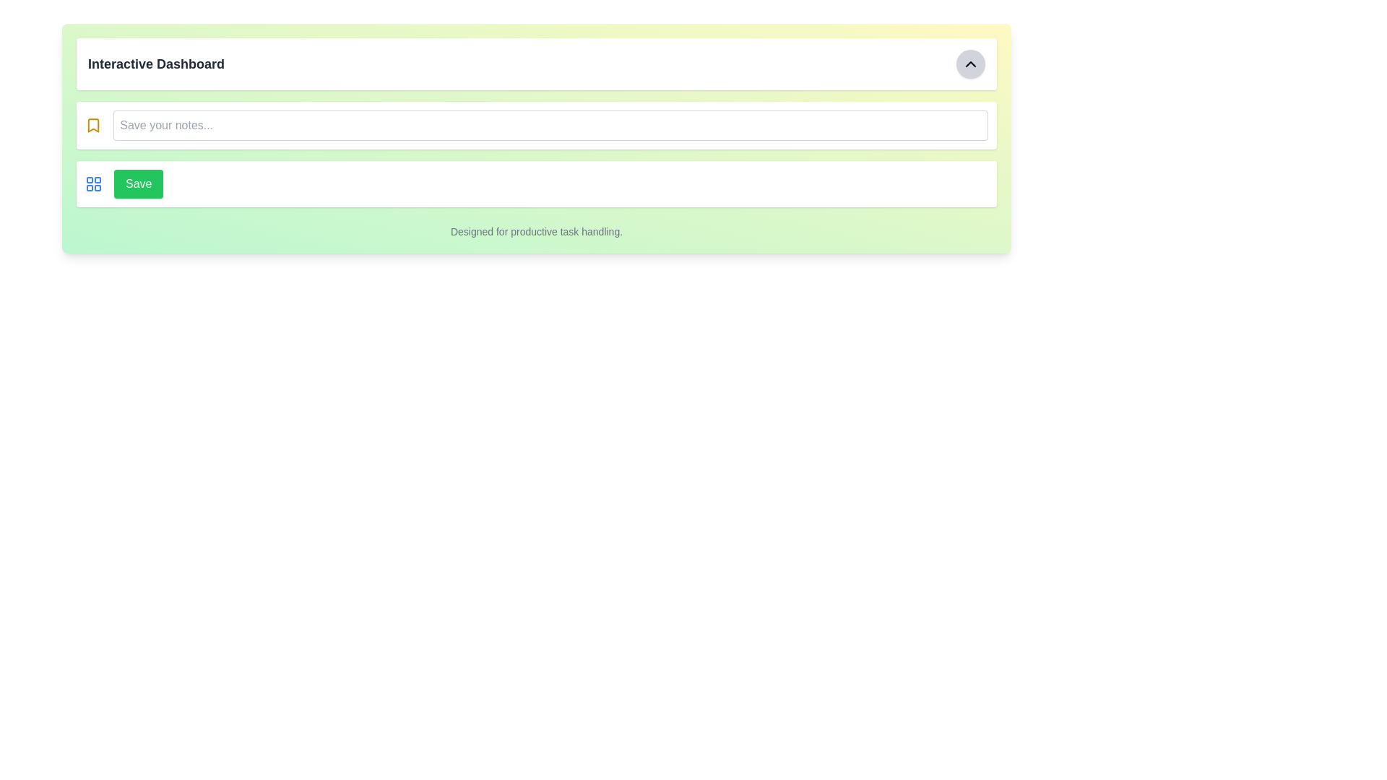  What do you see at coordinates (971, 63) in the screenshot?
I see `the chevron-shaped icon in the circular button located at the top right of the 'Interactive Dashboard' panel` at bounding box center [971, 63].